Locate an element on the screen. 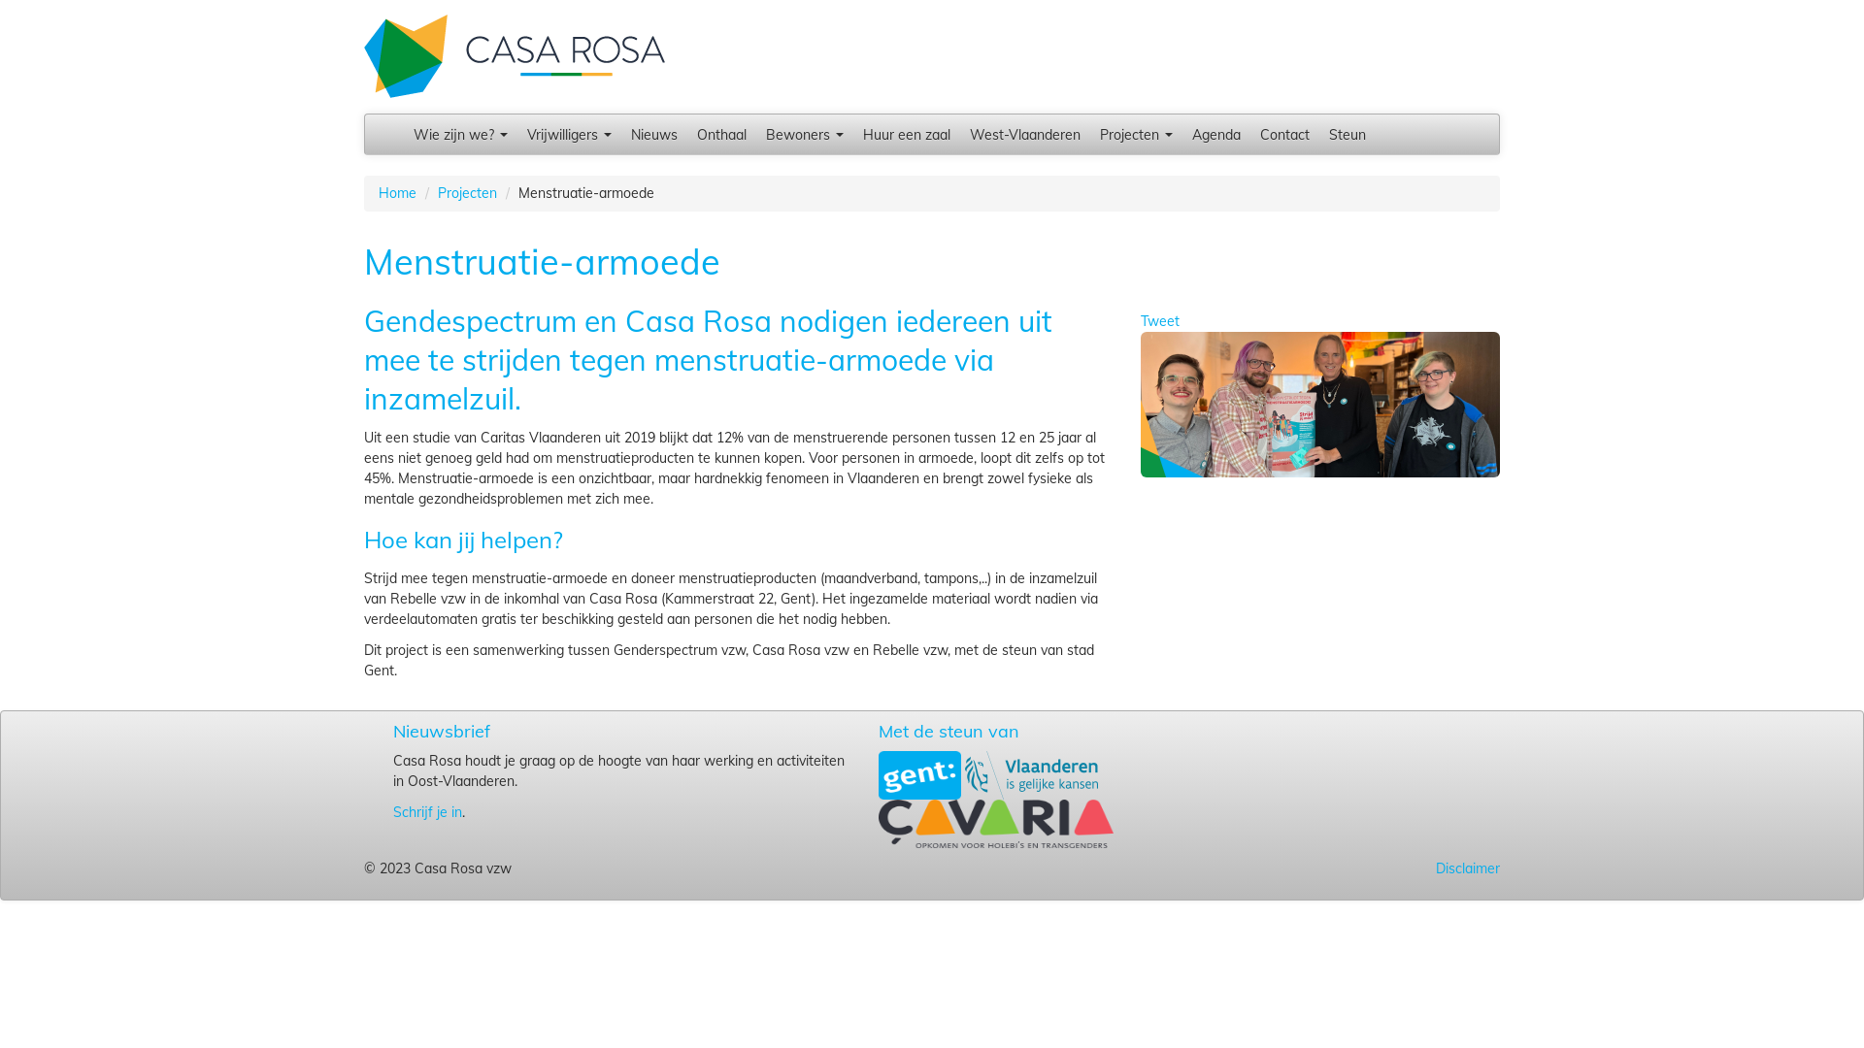 Image resolution: width=1864 pixels, height=1048 pixels. 'Nieuws' is located at coordinates (619, 133).